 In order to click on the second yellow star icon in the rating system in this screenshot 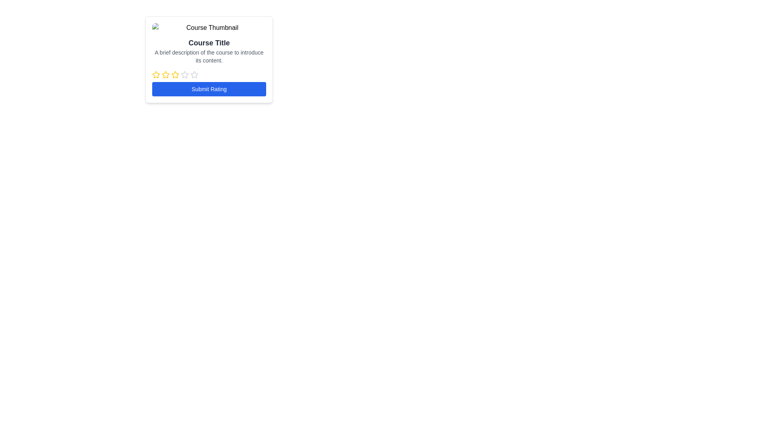, I will do `click(175, 74)`.